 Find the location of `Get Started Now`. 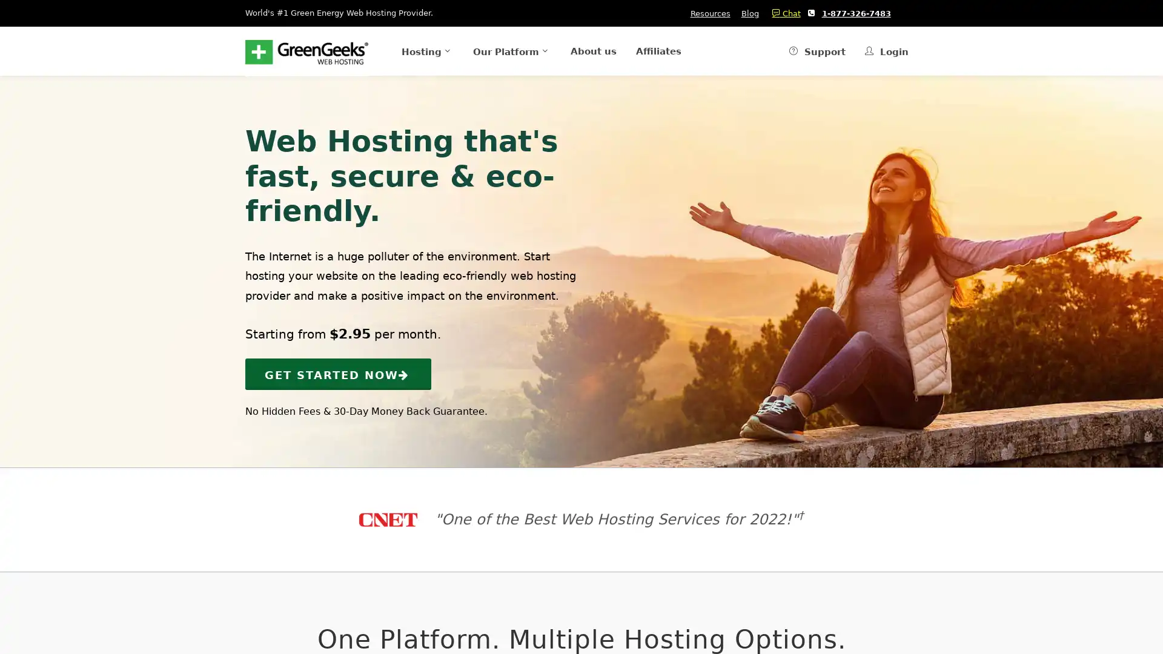

Get Started Now is located at coordinates (338, 373).